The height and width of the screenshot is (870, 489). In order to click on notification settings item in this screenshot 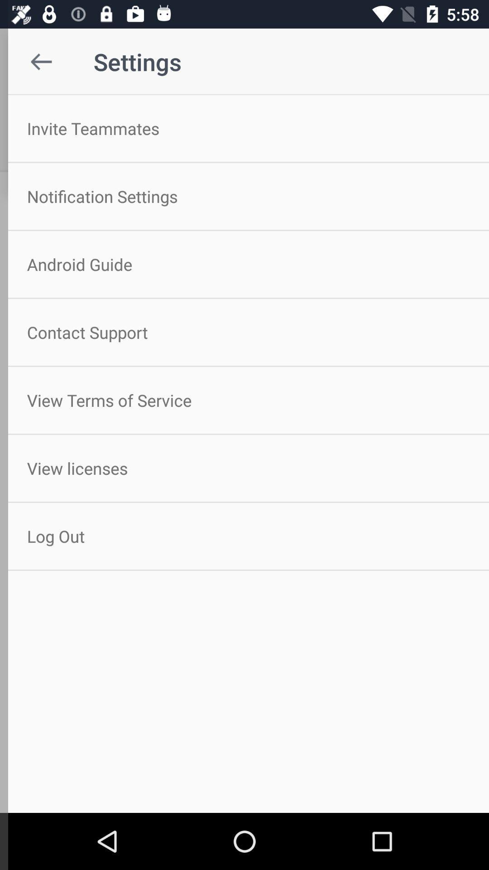, I will do `click(244, 196)`.